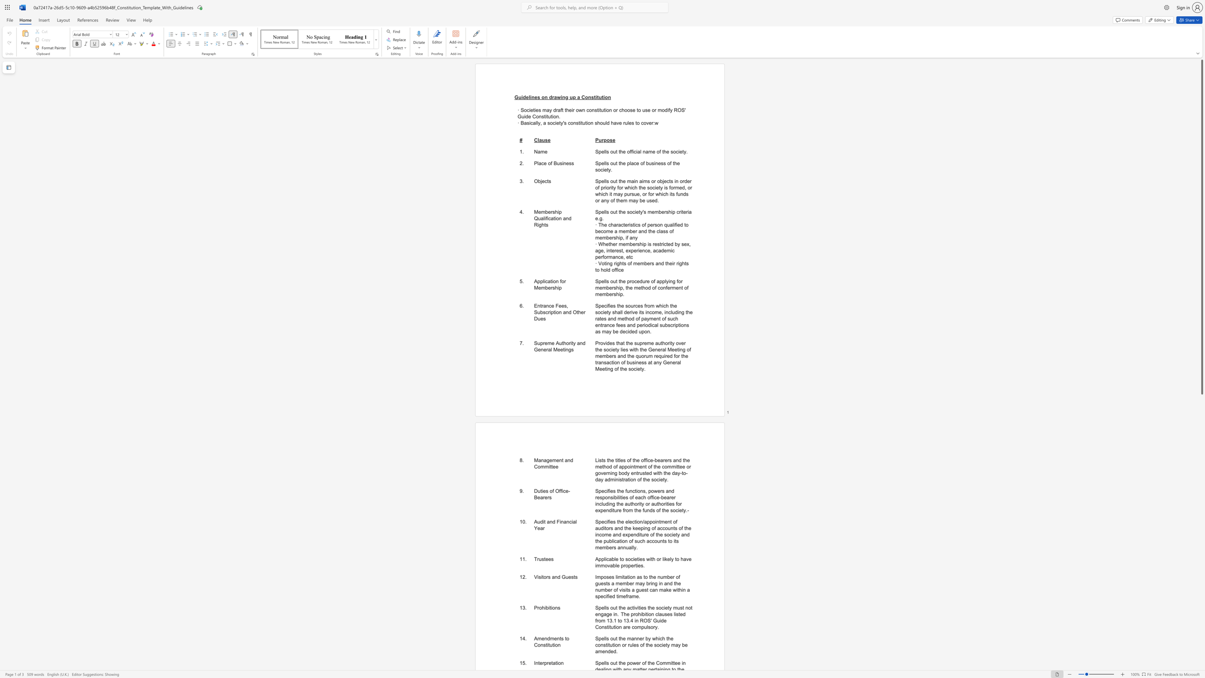 This screenshot has height=678, width=1205. What do you see at coordinates (1201, 480) in the screenshot?
I see `the scrollbar to scroll the page down` at bounding box center [1201, 480].